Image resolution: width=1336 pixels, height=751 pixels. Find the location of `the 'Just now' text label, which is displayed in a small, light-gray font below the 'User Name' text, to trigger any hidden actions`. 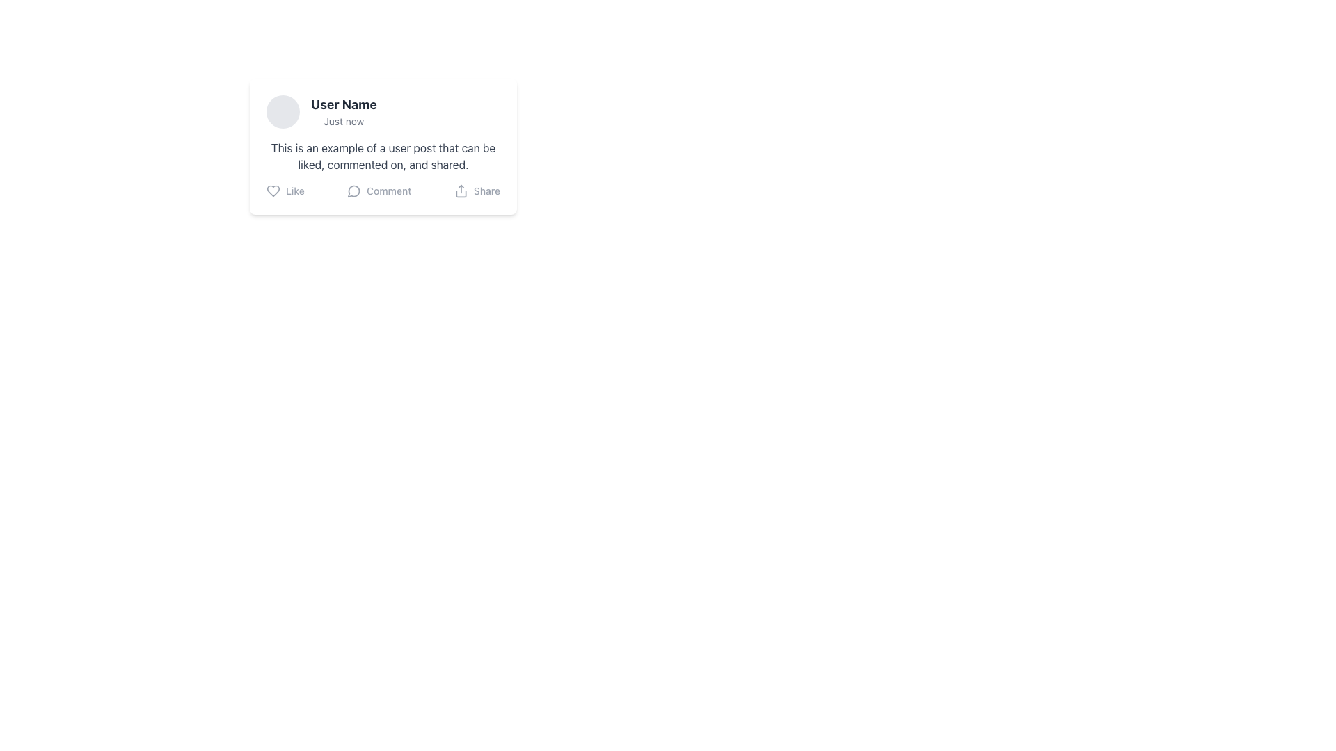

the 'Just now' text label, which is displayed in a small, light-gray font below the 'User Name' text, to trigger any hidden actions is located at coordinates (344, 120).